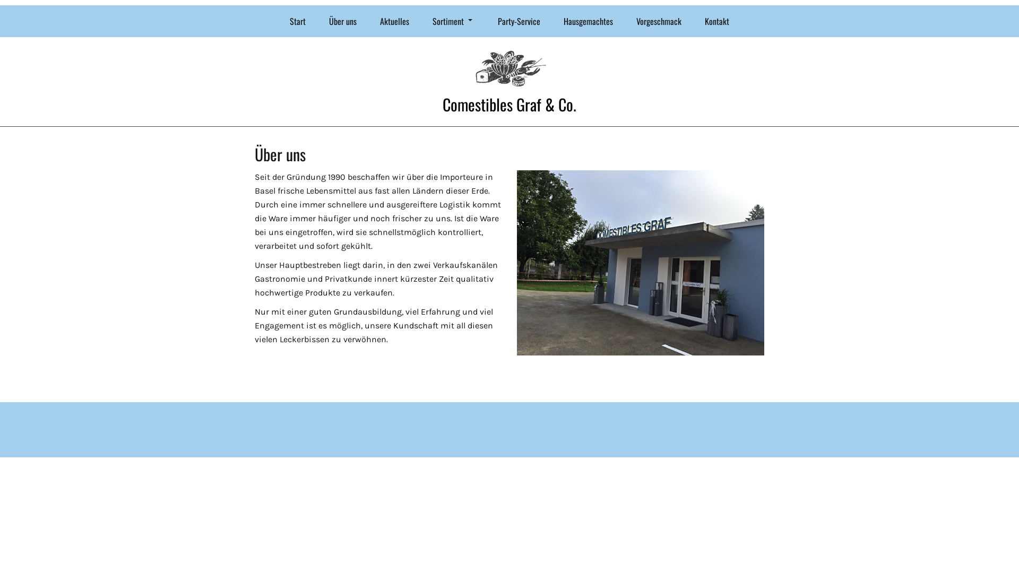 This screenshot has height=573, width=1019. Describe the element at coordinates (279, 21) in the screenshot. I see `'Start'` at that location.